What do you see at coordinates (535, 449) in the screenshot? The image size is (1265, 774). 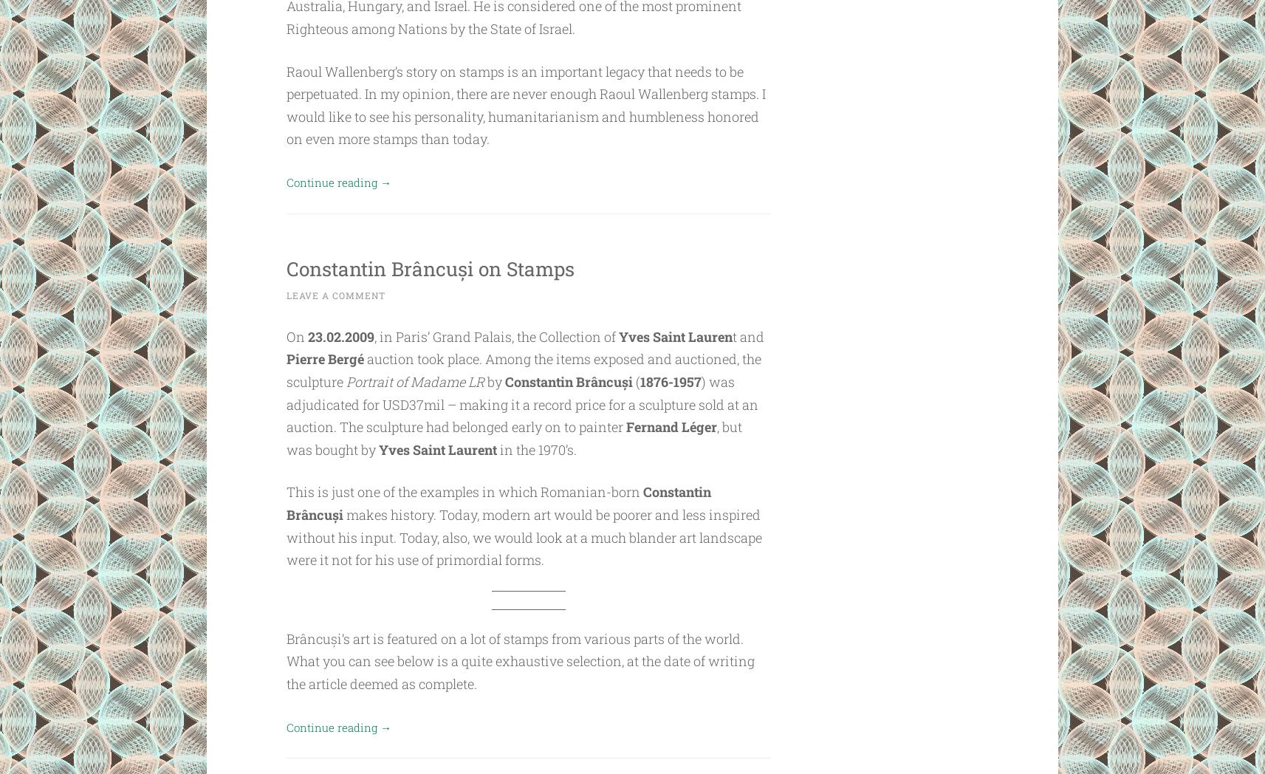 I see `'in the 1970’s.'` at bounding box center [535, 449].